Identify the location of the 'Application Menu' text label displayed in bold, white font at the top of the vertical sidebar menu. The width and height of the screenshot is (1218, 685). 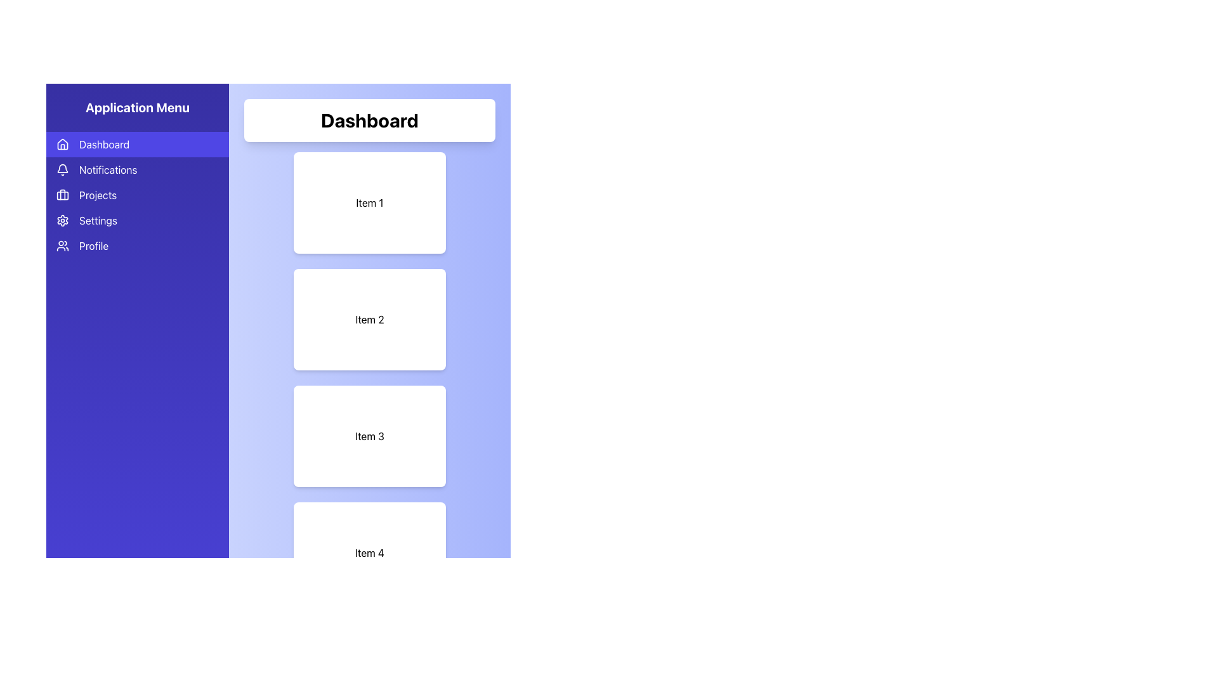
(137, 107).